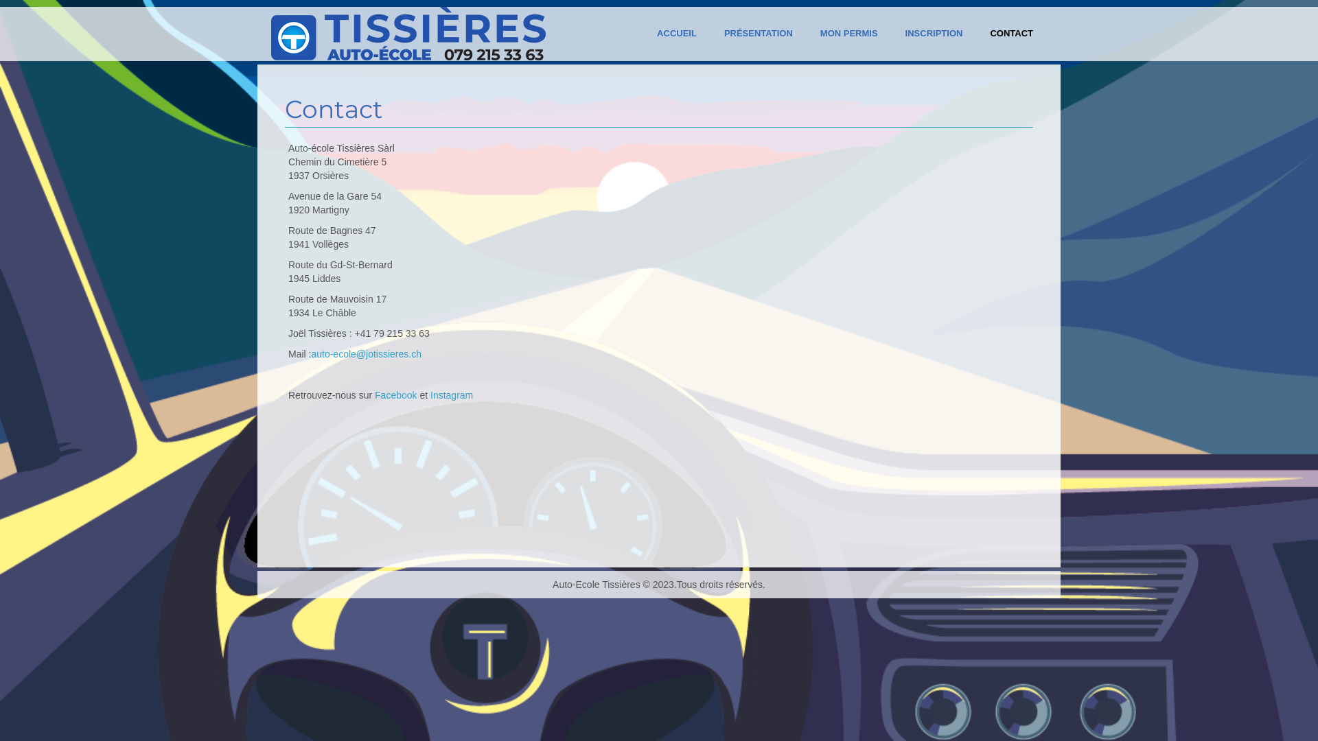 The height and width of the screenshot is (741, 1318). I want to click on 'CONTACT', so click(975, 33).